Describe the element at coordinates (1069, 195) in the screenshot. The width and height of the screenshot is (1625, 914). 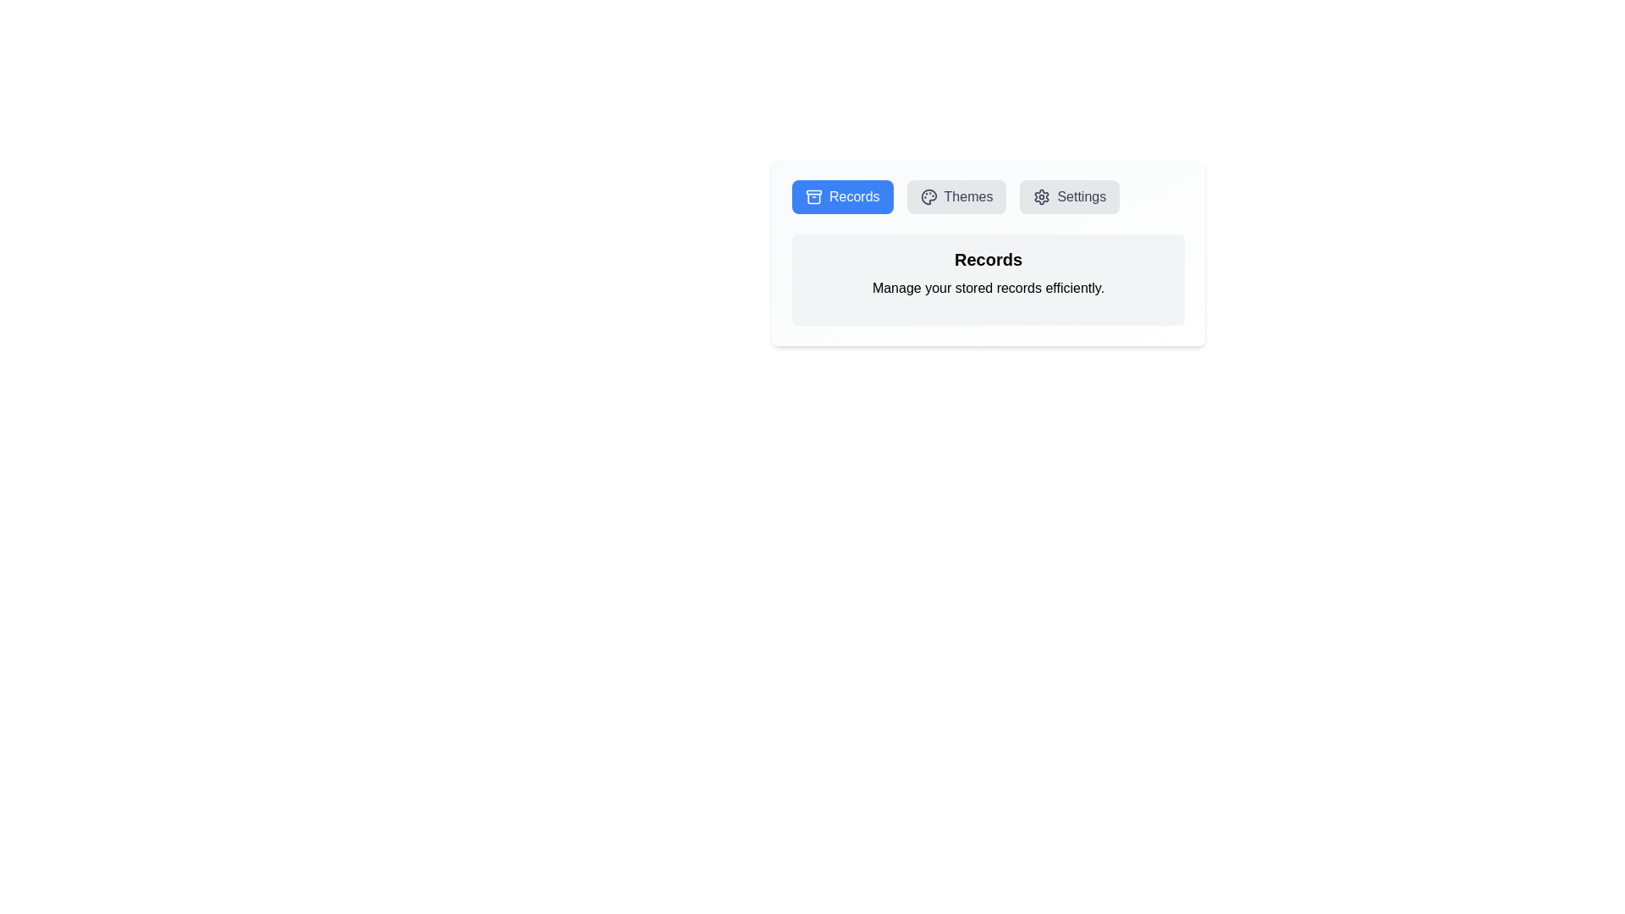
I see `the button labeled 'Settings' to see its hover effect` at that location.